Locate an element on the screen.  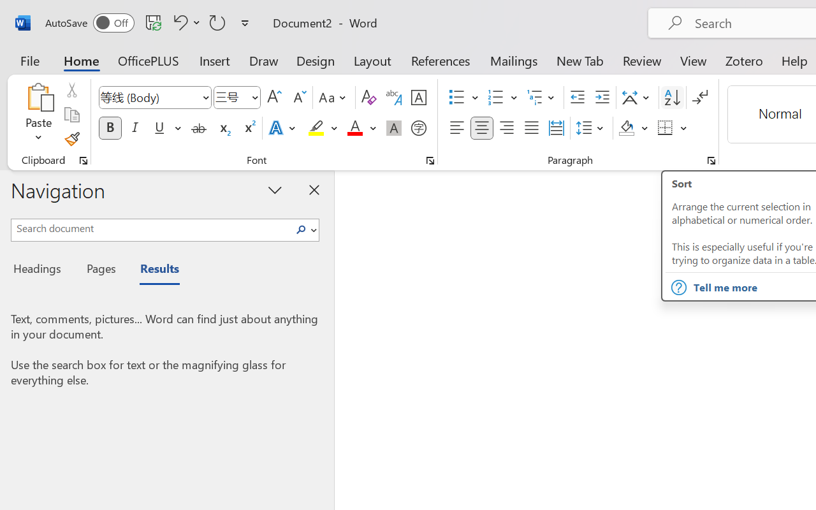
'Search document' is located at coordinates (151, 228).